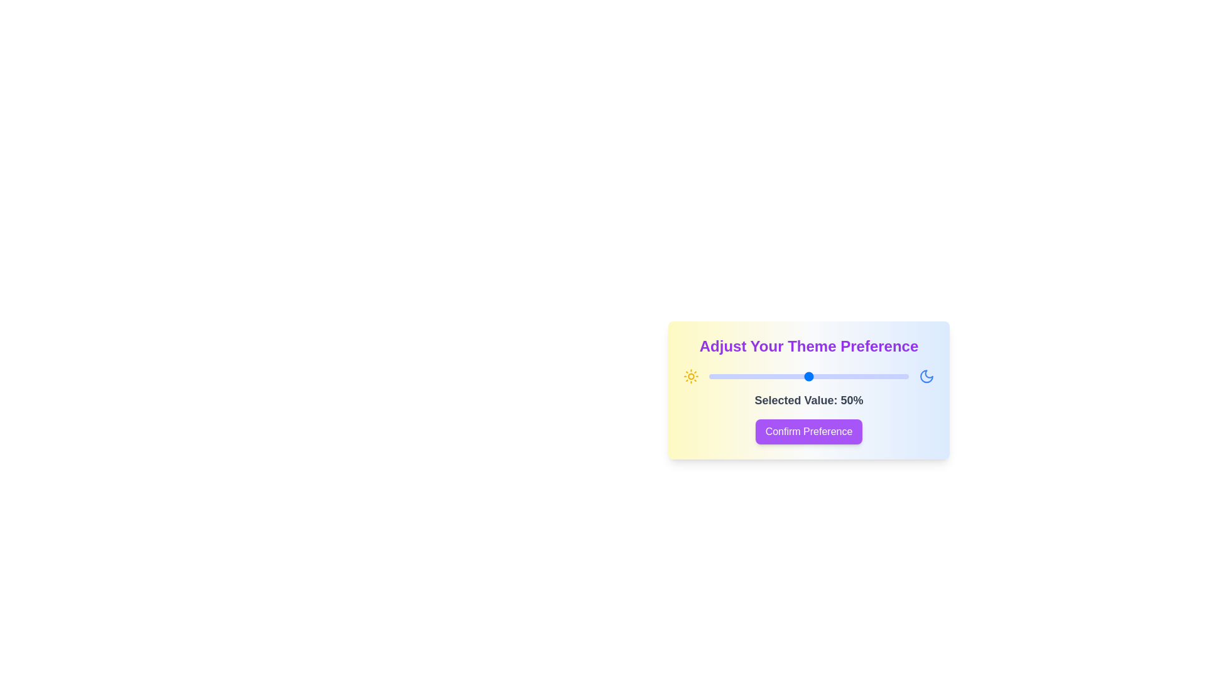 The image size is (1206, 678). I want to click on the sun icon located on the leftmost side of the horizontal row, which is characterized by its circular yellow center and surrounding rays, so click(690, 376).